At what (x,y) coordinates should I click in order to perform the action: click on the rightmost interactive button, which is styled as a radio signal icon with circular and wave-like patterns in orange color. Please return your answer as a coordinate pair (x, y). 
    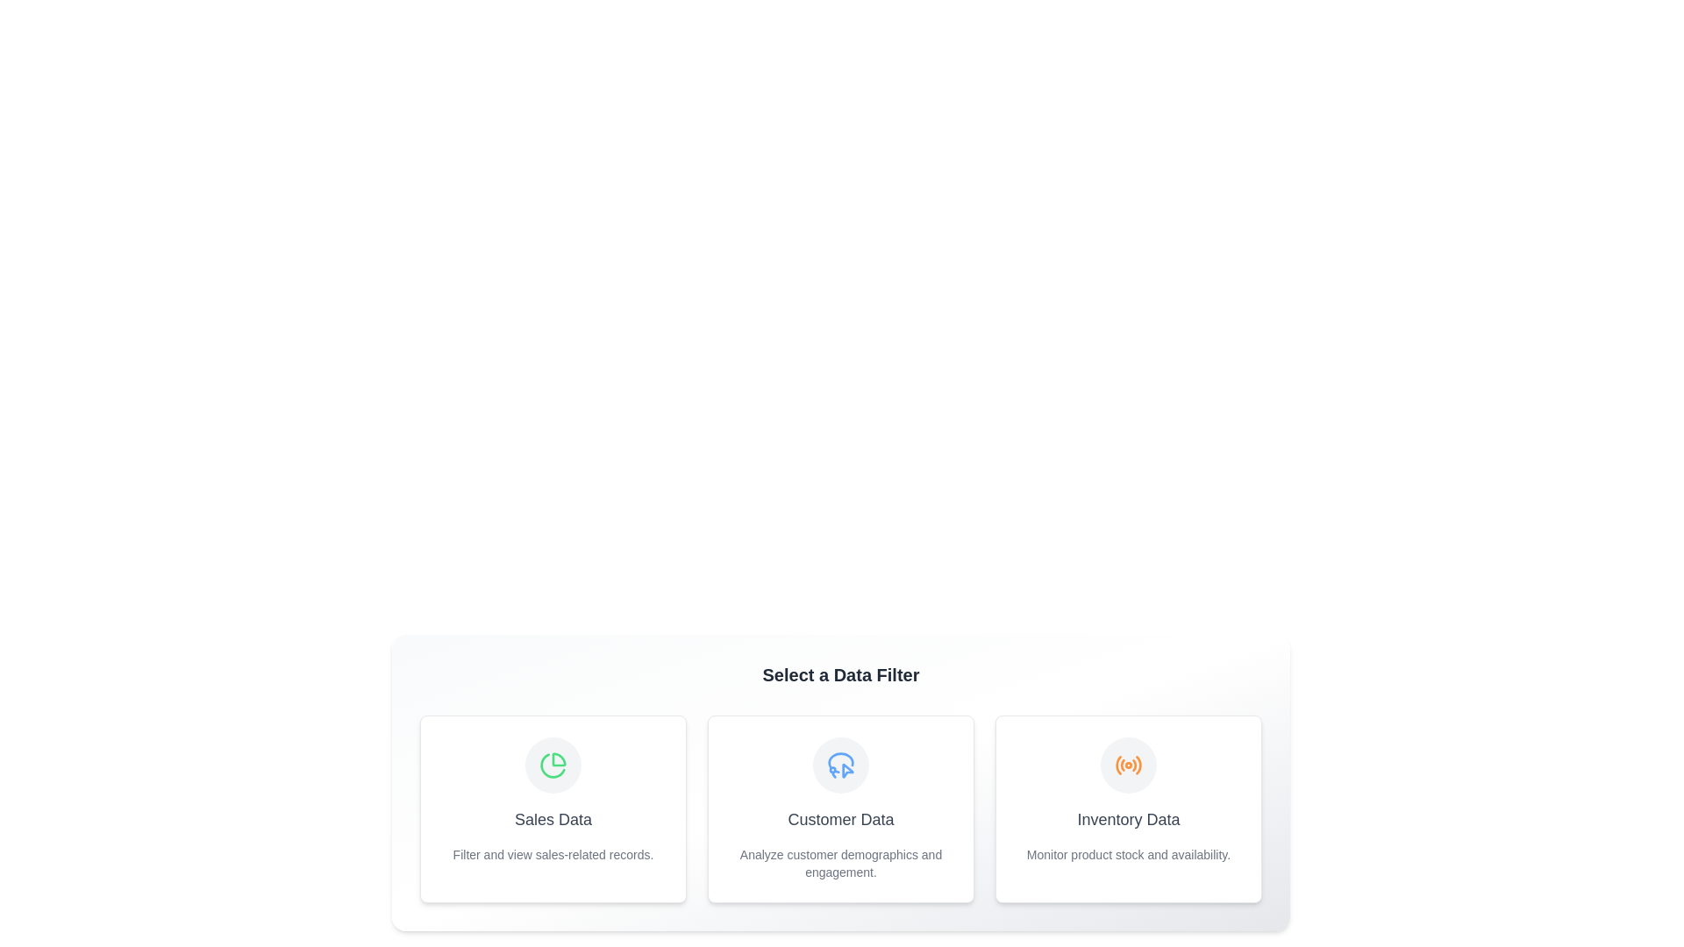
    Looking at the image, I should click on (1128, 764).